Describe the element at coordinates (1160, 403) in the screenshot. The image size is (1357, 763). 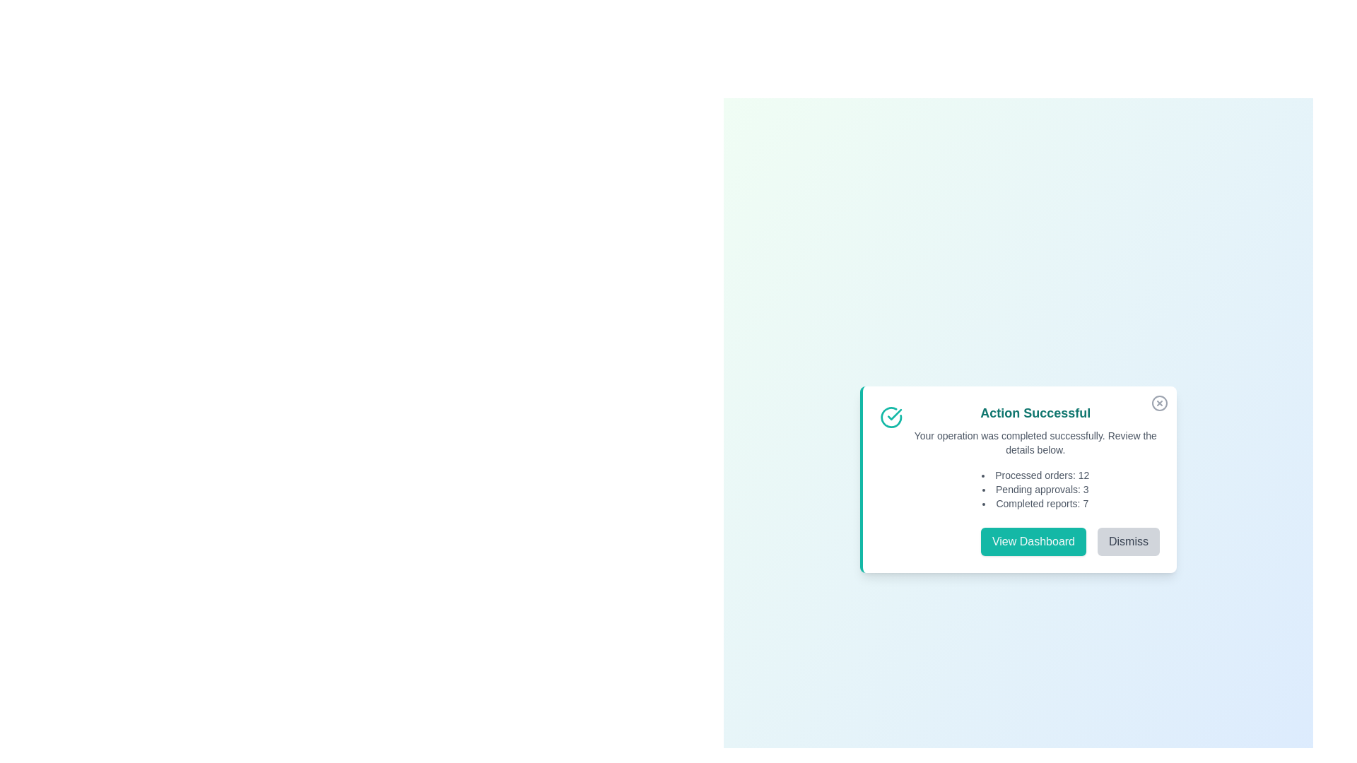
I see `close button to dismiss the notification` at that location.